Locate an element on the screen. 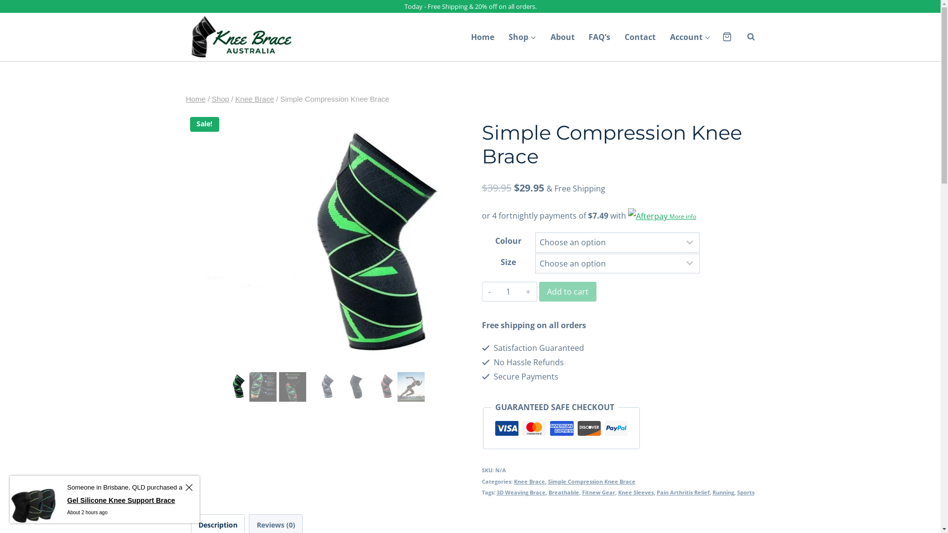  'More info' is located at coordinates (662, 215).